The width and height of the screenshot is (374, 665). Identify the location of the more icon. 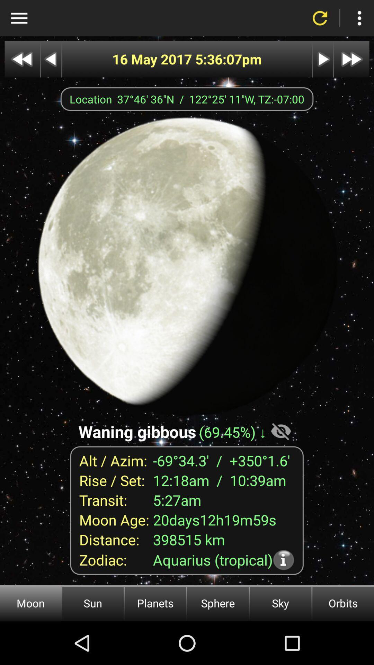
(359, 18).